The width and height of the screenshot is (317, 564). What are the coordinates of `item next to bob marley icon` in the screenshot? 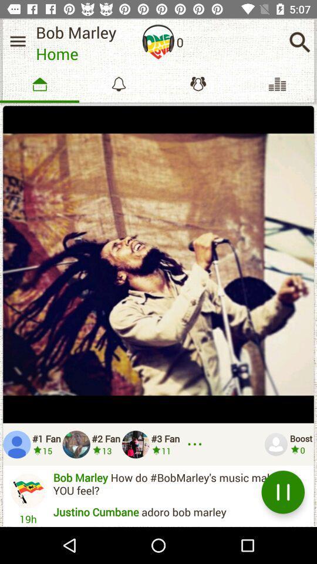 It's located at (158, 42).